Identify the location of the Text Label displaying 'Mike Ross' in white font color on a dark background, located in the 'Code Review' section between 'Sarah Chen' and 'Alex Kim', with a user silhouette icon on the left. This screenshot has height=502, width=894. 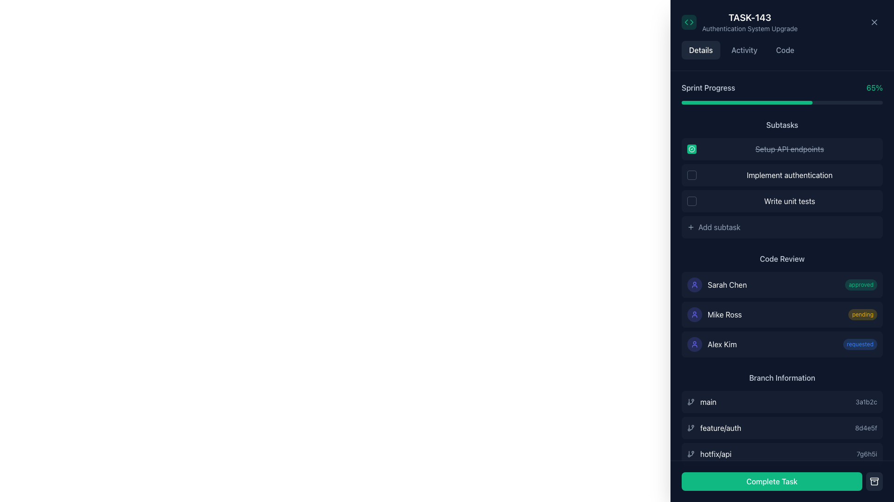
(724, 314).